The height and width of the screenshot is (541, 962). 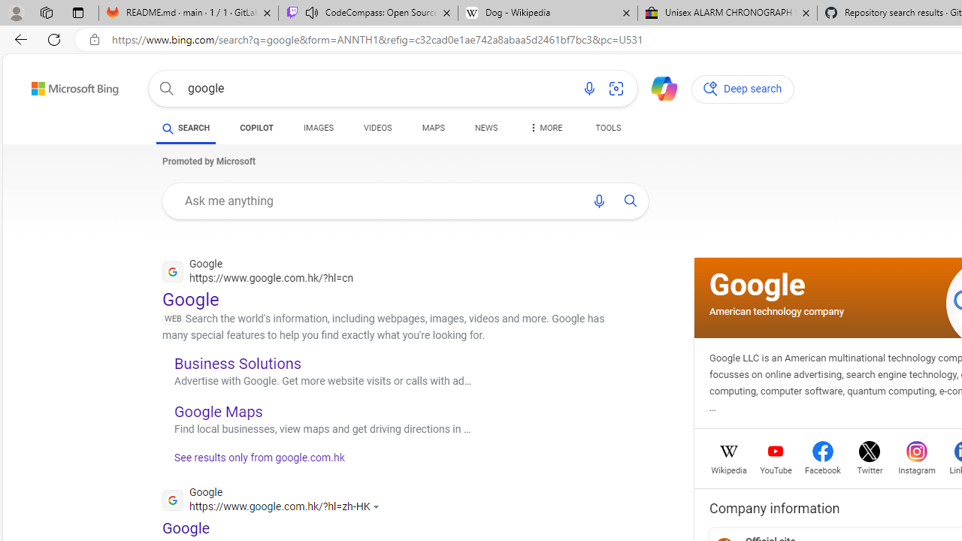 I want to click on 'Back to Bing search', so click(x=65, y=86).